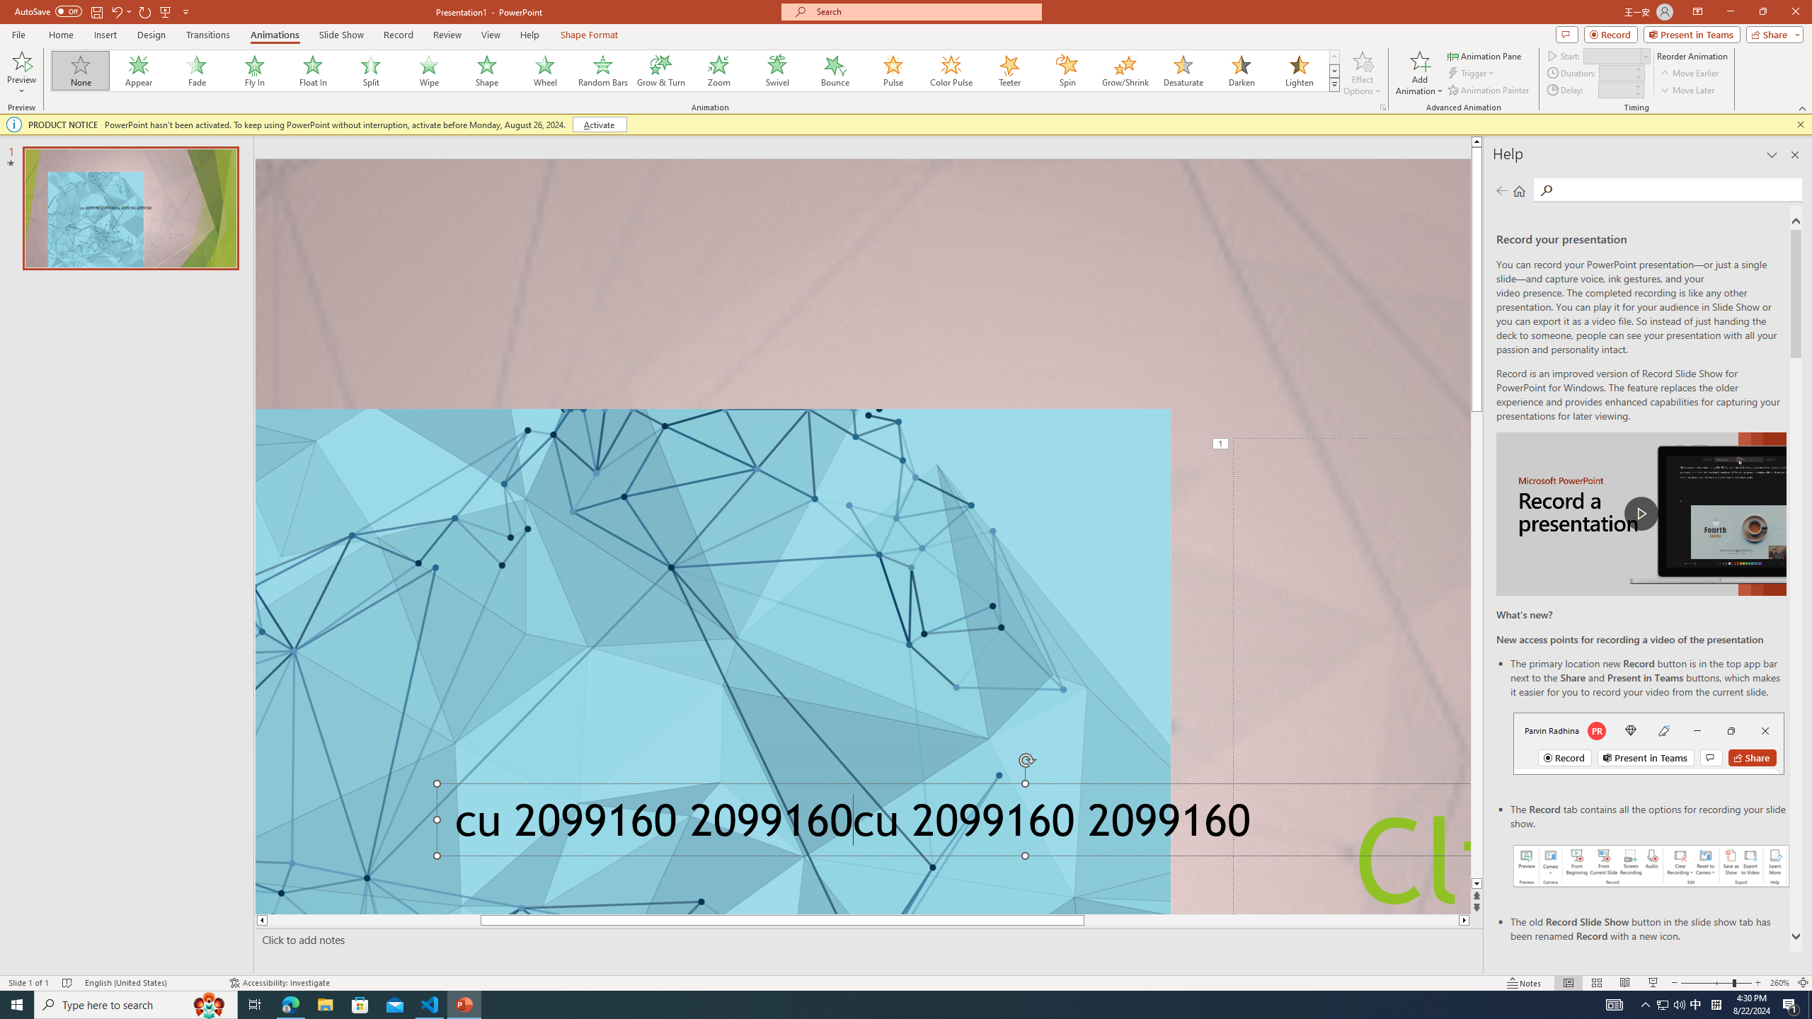 Image resolution: width=1812 pixels, height=1019 pixels. What do you see at coordinates (1125, 70) in the screenshot?
I see `'Grow/Shrink'` at bounding box center [1125, 70].